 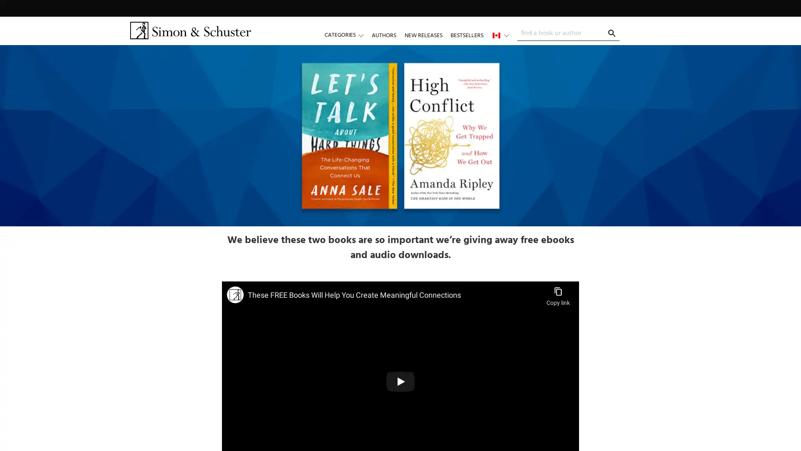 What do you see at coordinates (423, 35) in the screenshot?
I see `NEW RELEASES` at bounding box center [423, 35].